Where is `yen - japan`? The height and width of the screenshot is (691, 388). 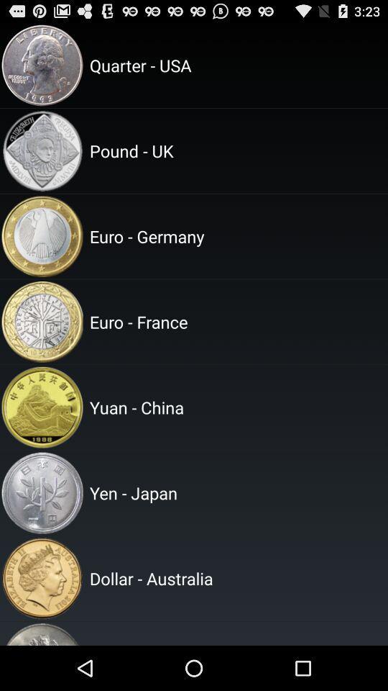
yen - japan is located at coordinates (236, 492).